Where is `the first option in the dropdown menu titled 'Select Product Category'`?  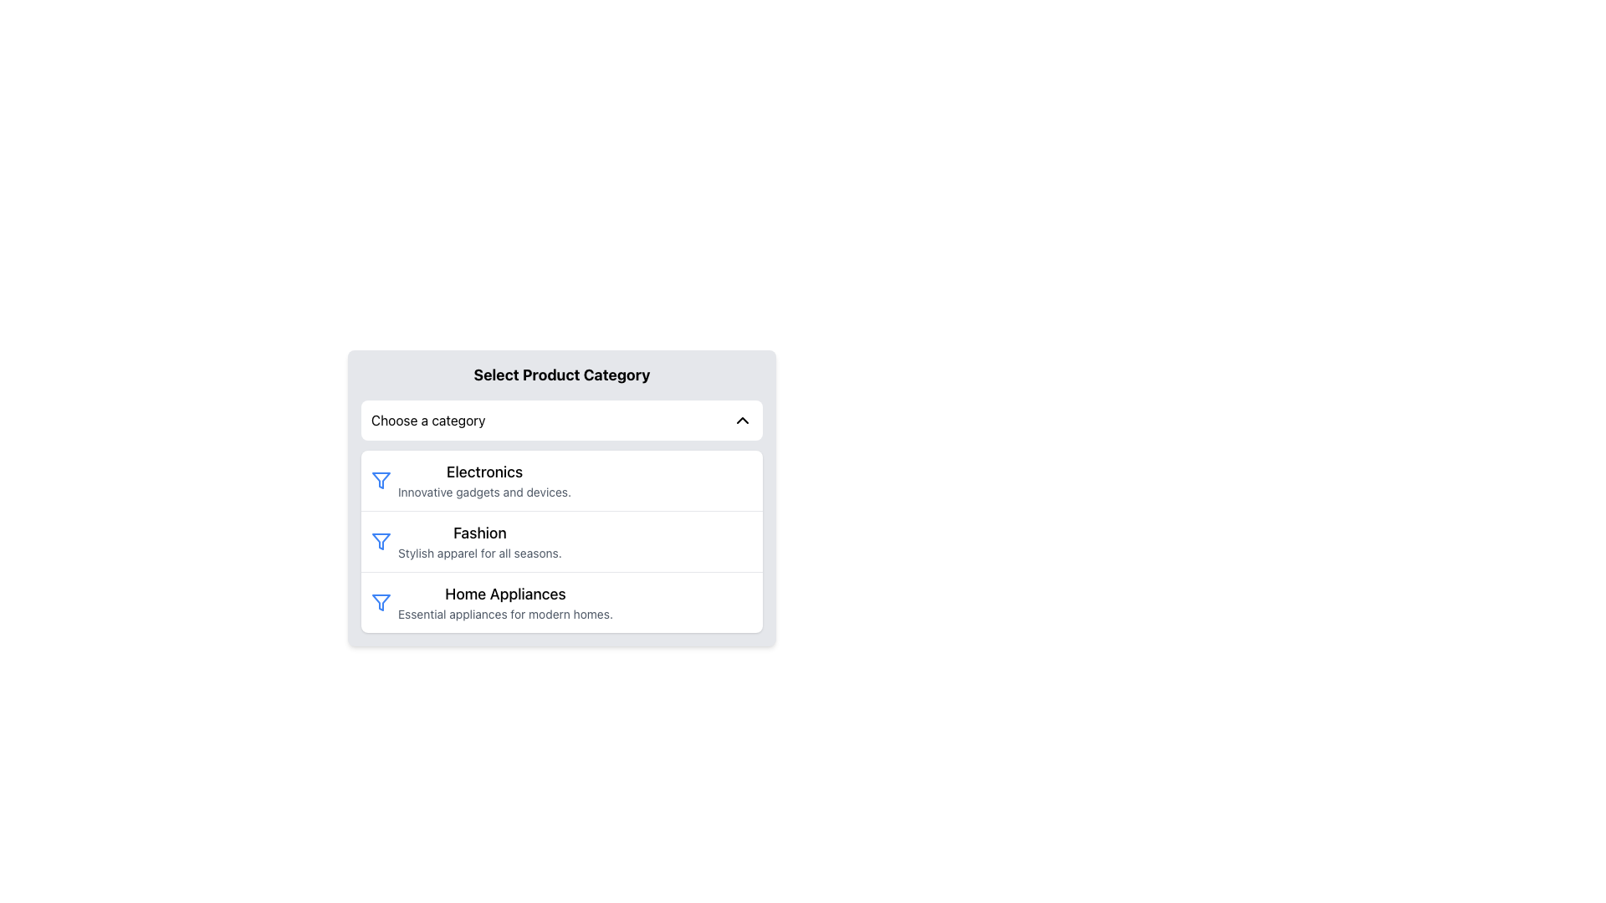 the first option in the dropdown menu titled 'Select Product Category' is located at coordinates (562, 497).